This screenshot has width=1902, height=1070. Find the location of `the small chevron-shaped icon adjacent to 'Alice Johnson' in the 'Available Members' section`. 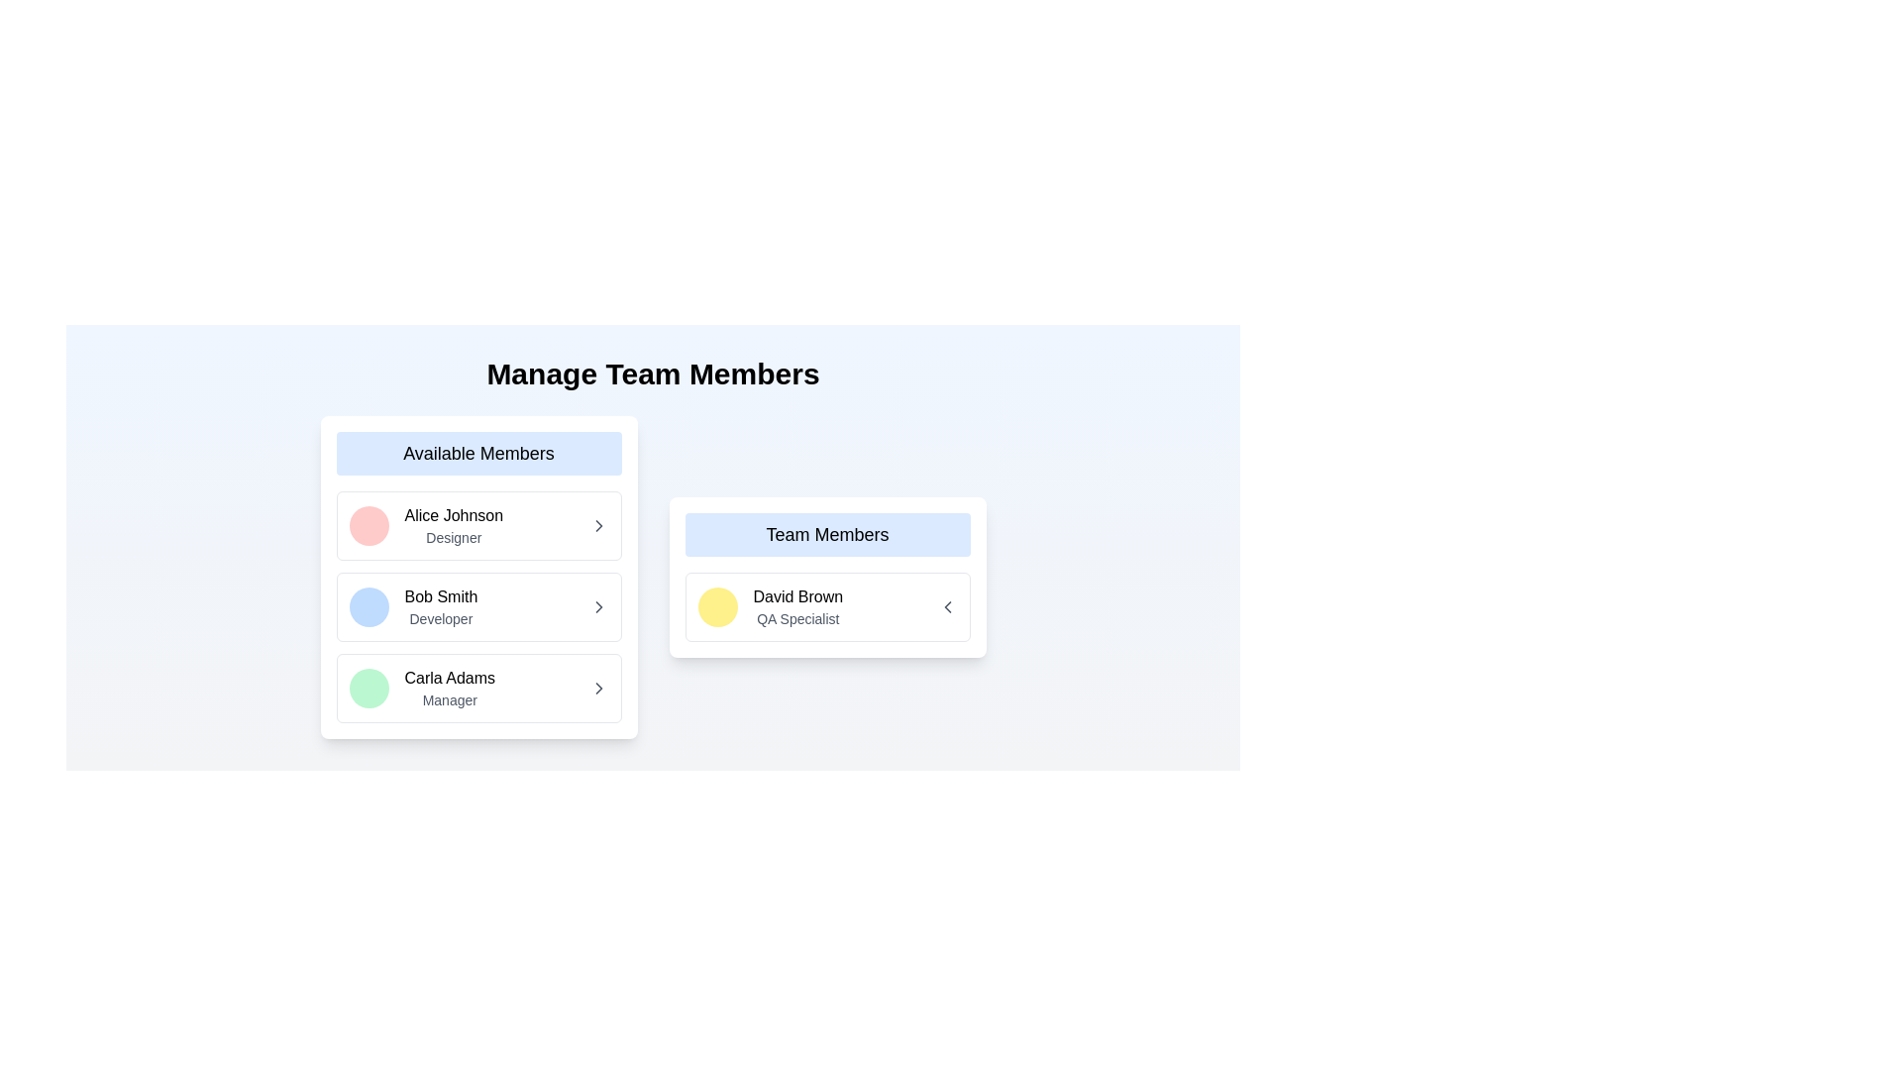

the small chevron-shaped icon adjacent to 'Alice Johnson' in the 'Available Members' section is located at coordinates (597, 525).